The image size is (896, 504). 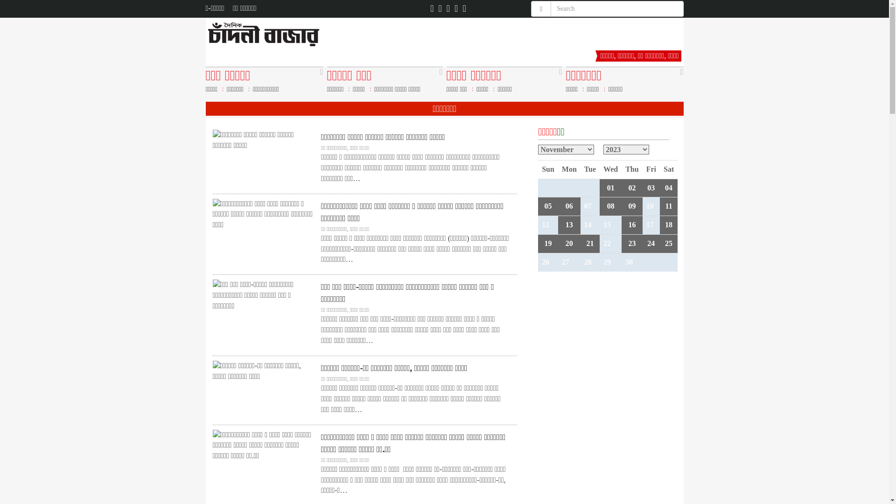 What do you see at coordinates (568, 224) in the screenshot?
I see `'13'` at bounding box center [568, 224].